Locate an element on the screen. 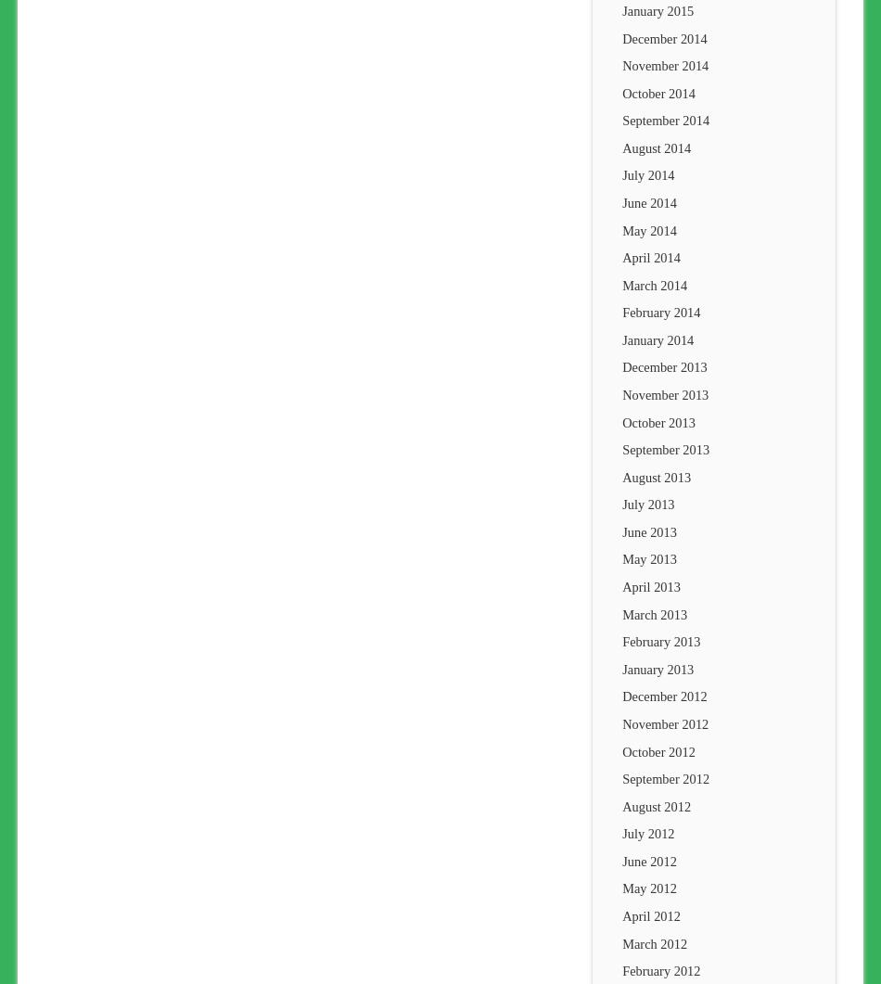  'September 2012' is located at coordinates (621, 778).